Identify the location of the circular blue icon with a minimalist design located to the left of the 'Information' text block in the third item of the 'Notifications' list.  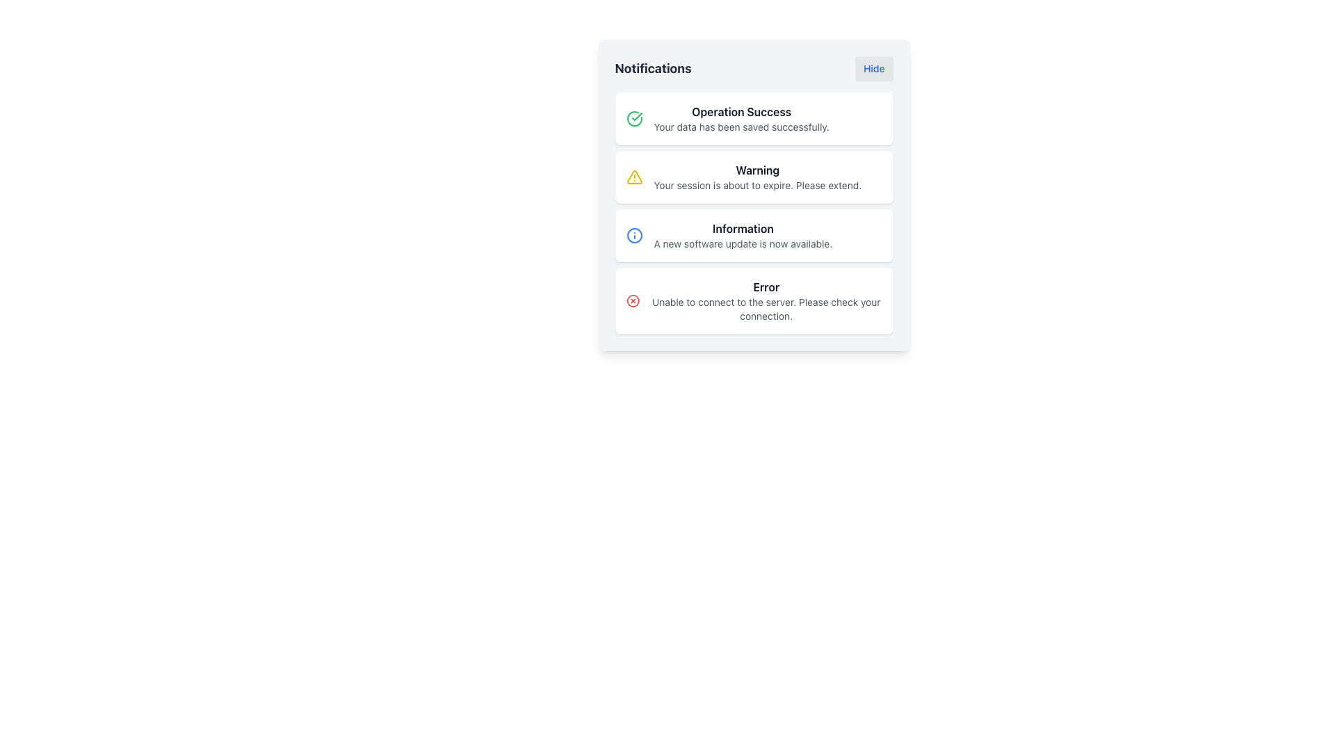
(633, 235).